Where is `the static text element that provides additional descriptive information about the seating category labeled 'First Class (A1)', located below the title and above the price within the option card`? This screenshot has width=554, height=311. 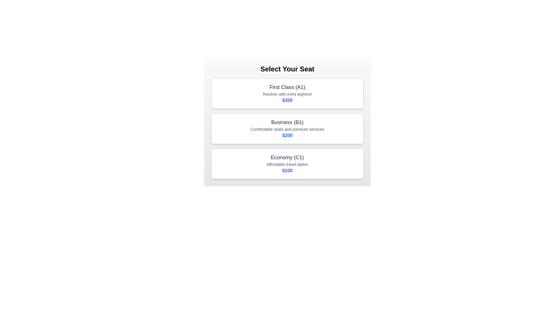
the static text element that provides additional descriptive information about the seating category labeled 'First Class (A1)', located below the title and above the price within the option card is located at coordinates (287, 94).